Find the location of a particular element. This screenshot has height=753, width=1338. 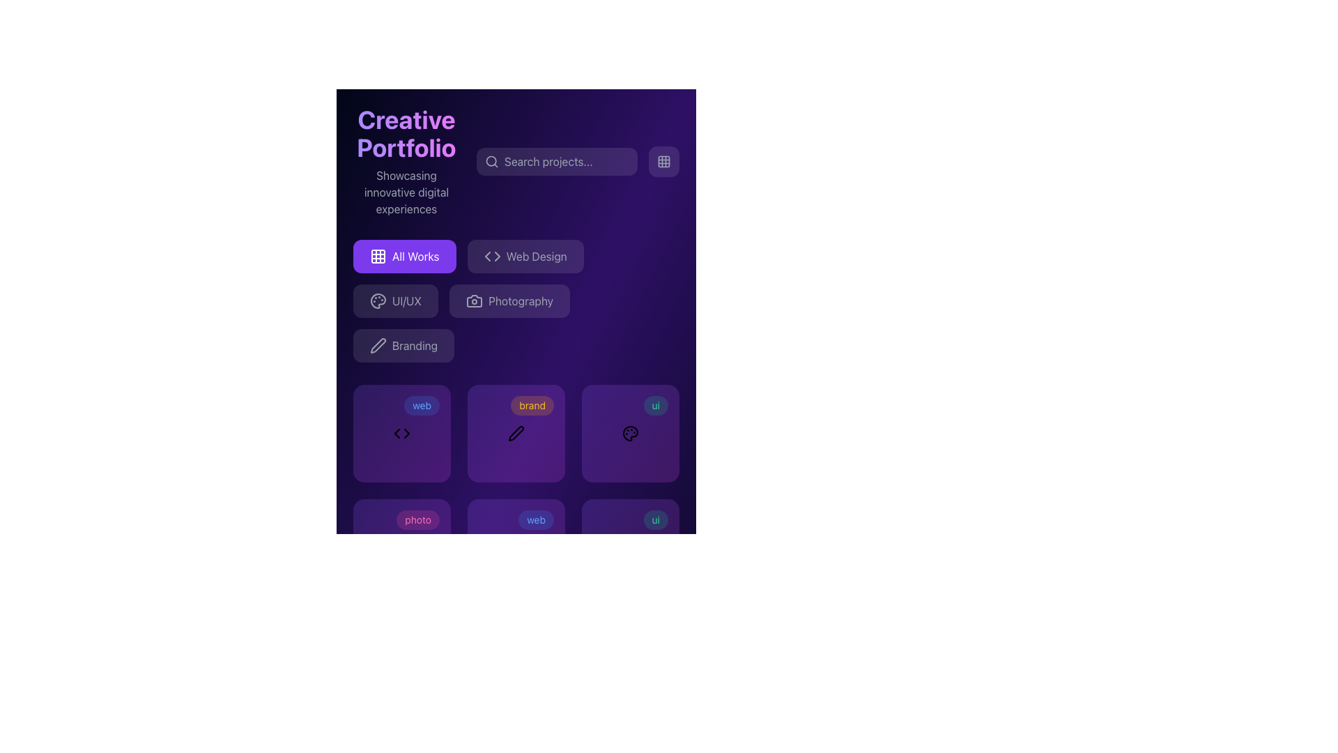

the central square of the 3x3 grid icon located at the top-right of the interface is located at coordinates (663, 160).